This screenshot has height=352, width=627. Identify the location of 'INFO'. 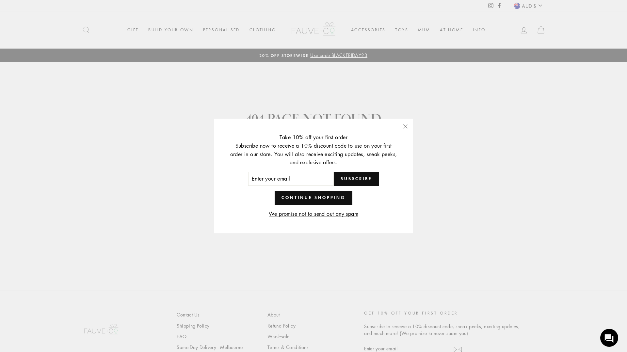
(479, 30).